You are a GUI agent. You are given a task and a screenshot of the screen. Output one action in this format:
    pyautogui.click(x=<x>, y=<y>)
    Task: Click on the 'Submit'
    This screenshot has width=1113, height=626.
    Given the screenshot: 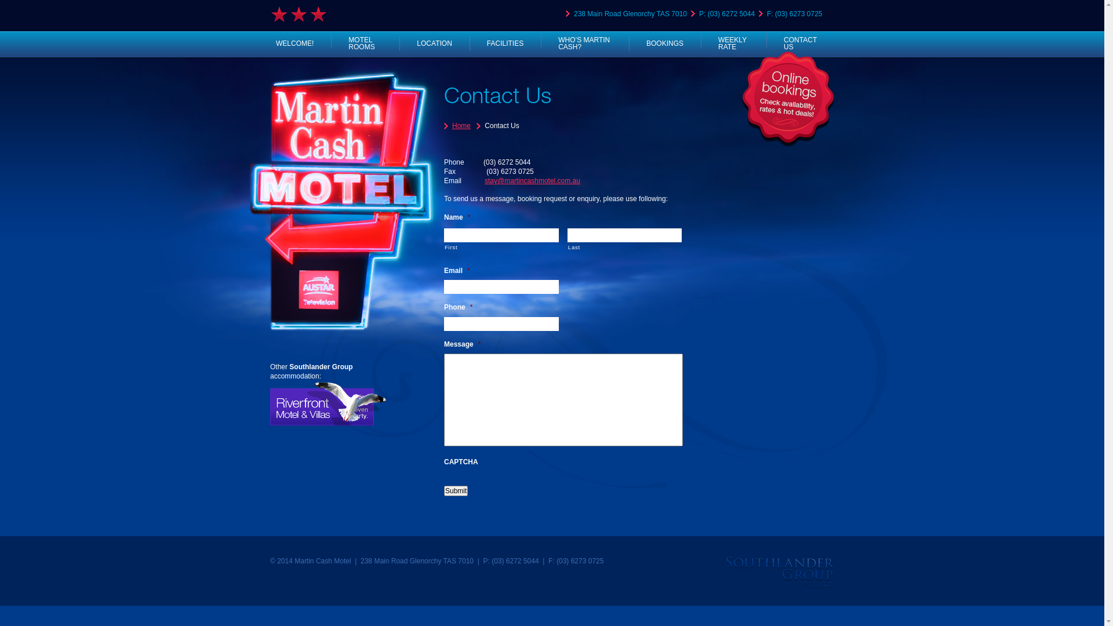 What is the action you would take?
    pyautogui.click(x=455, y=491)
    